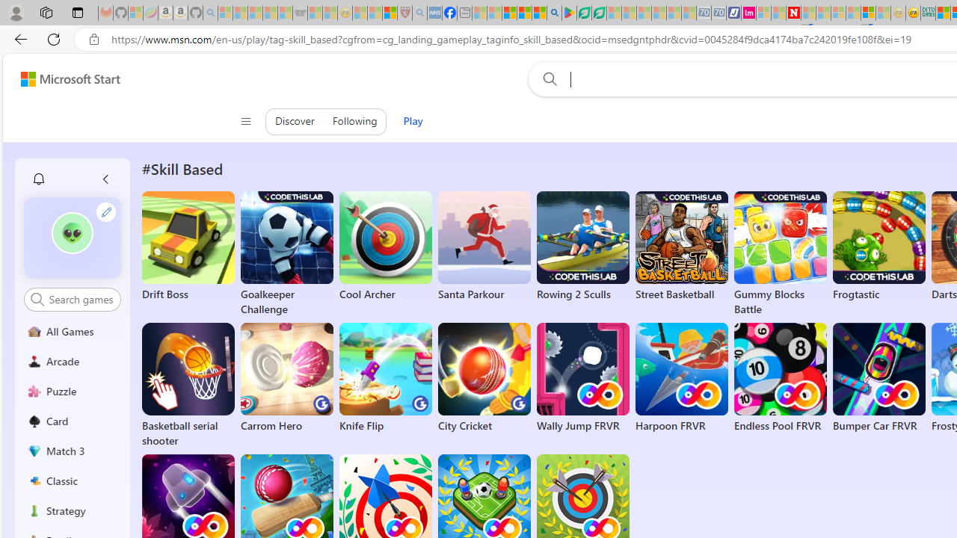 Image resolution: width=957 pixels, height=538 pixels. What do you see at coordinates (187, 246) in the screenshot?
I see `'Drift Boss'` at bounding box center [187, 246].